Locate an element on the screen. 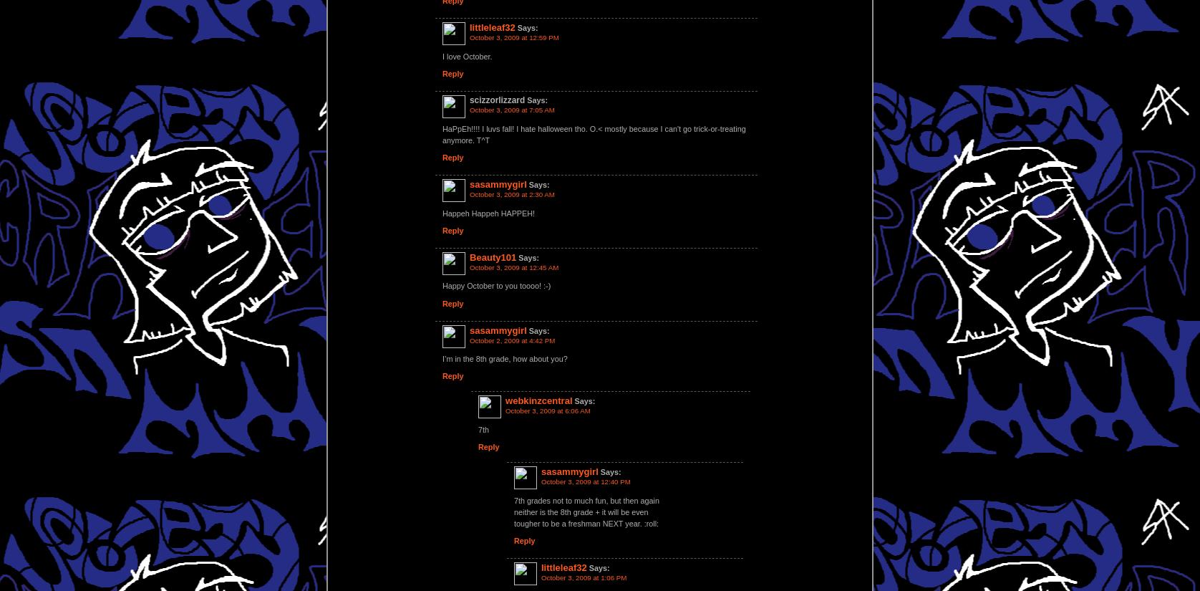  'HaPpEh!!!! I luvs fall! I hate halloween tho. O.< mostly because I can't go trick-or-treating anymore. T^T' is located at coordinates (593, 134).